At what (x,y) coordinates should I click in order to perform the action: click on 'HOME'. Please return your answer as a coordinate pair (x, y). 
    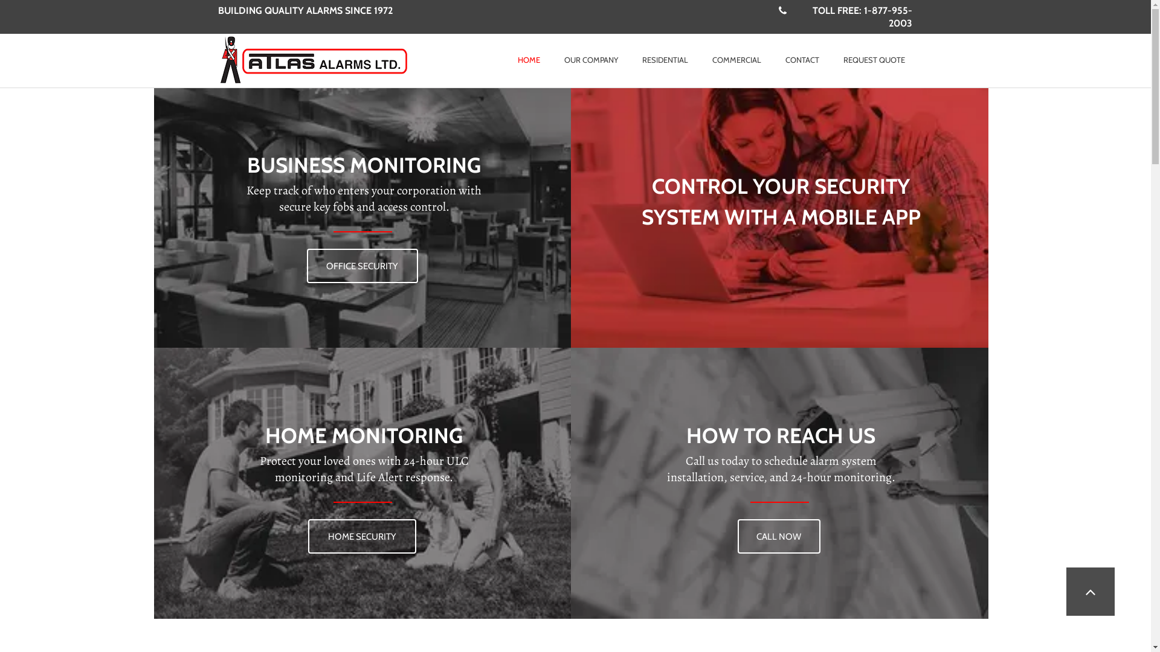
    Looking at the image, I should click on (529, 60).